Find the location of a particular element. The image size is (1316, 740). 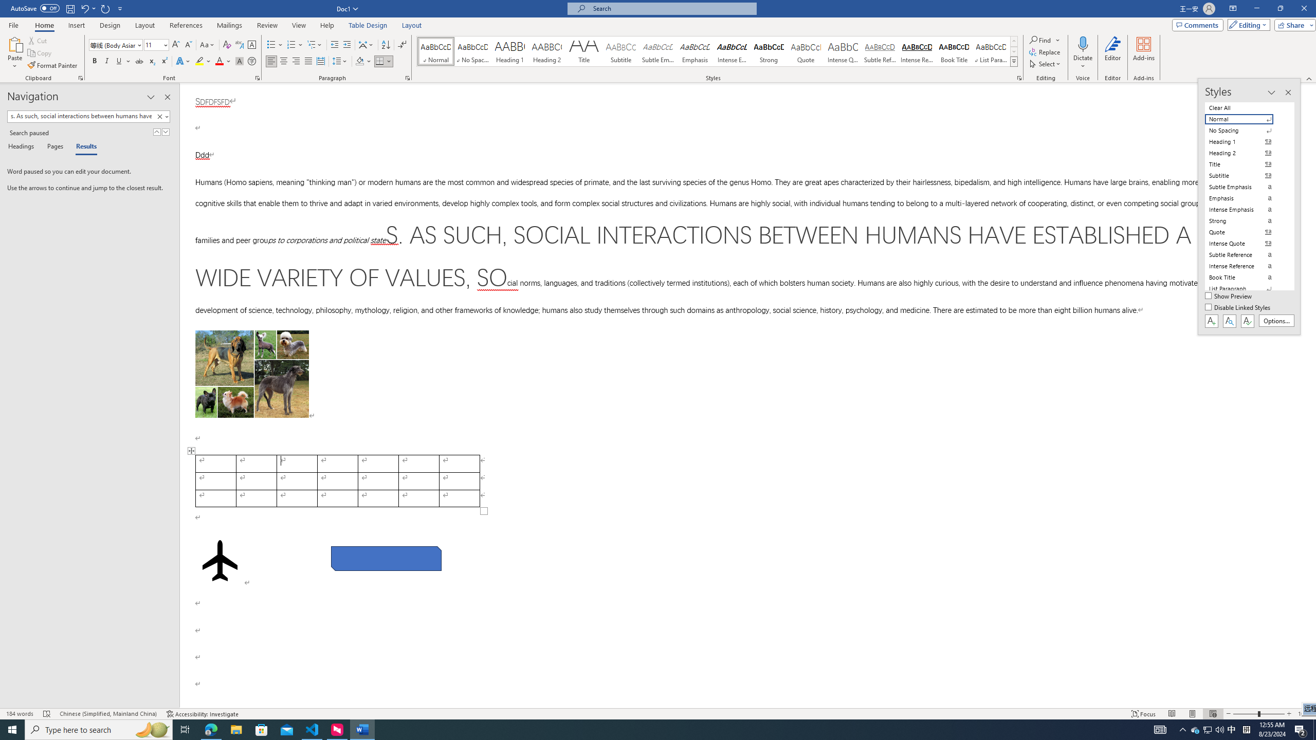

'Line and Paragraph Spacing' is located at coordinates (341, 61).